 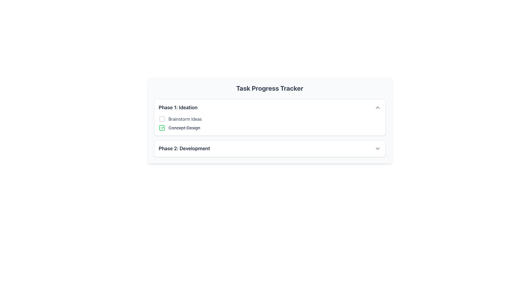 I want to click on the checkbox icon, so click(x=162, y=119).